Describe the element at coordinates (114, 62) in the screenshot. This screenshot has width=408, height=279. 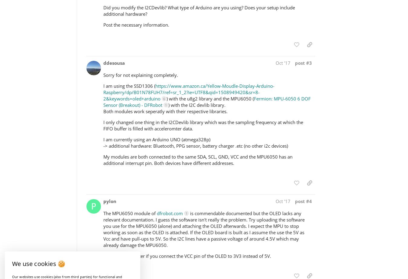
I see `'ddesousa'` at that location.